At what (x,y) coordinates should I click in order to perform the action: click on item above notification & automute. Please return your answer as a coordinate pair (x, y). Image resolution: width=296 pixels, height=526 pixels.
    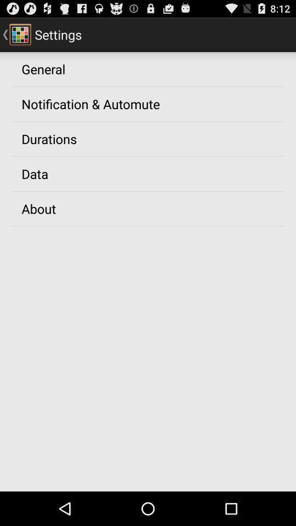
    Looking at the image, I should click on (43, 68).